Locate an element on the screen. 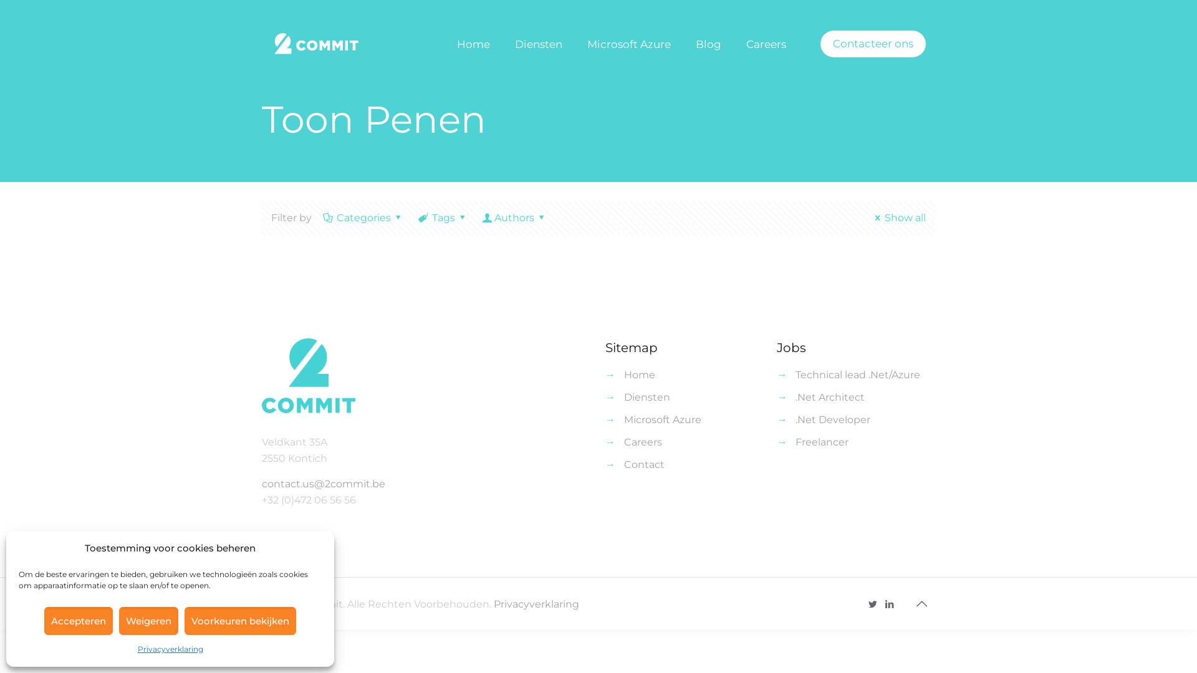 This screenshot has width=1197, height=673. 'Careers' is located at coordinates (643, 441).